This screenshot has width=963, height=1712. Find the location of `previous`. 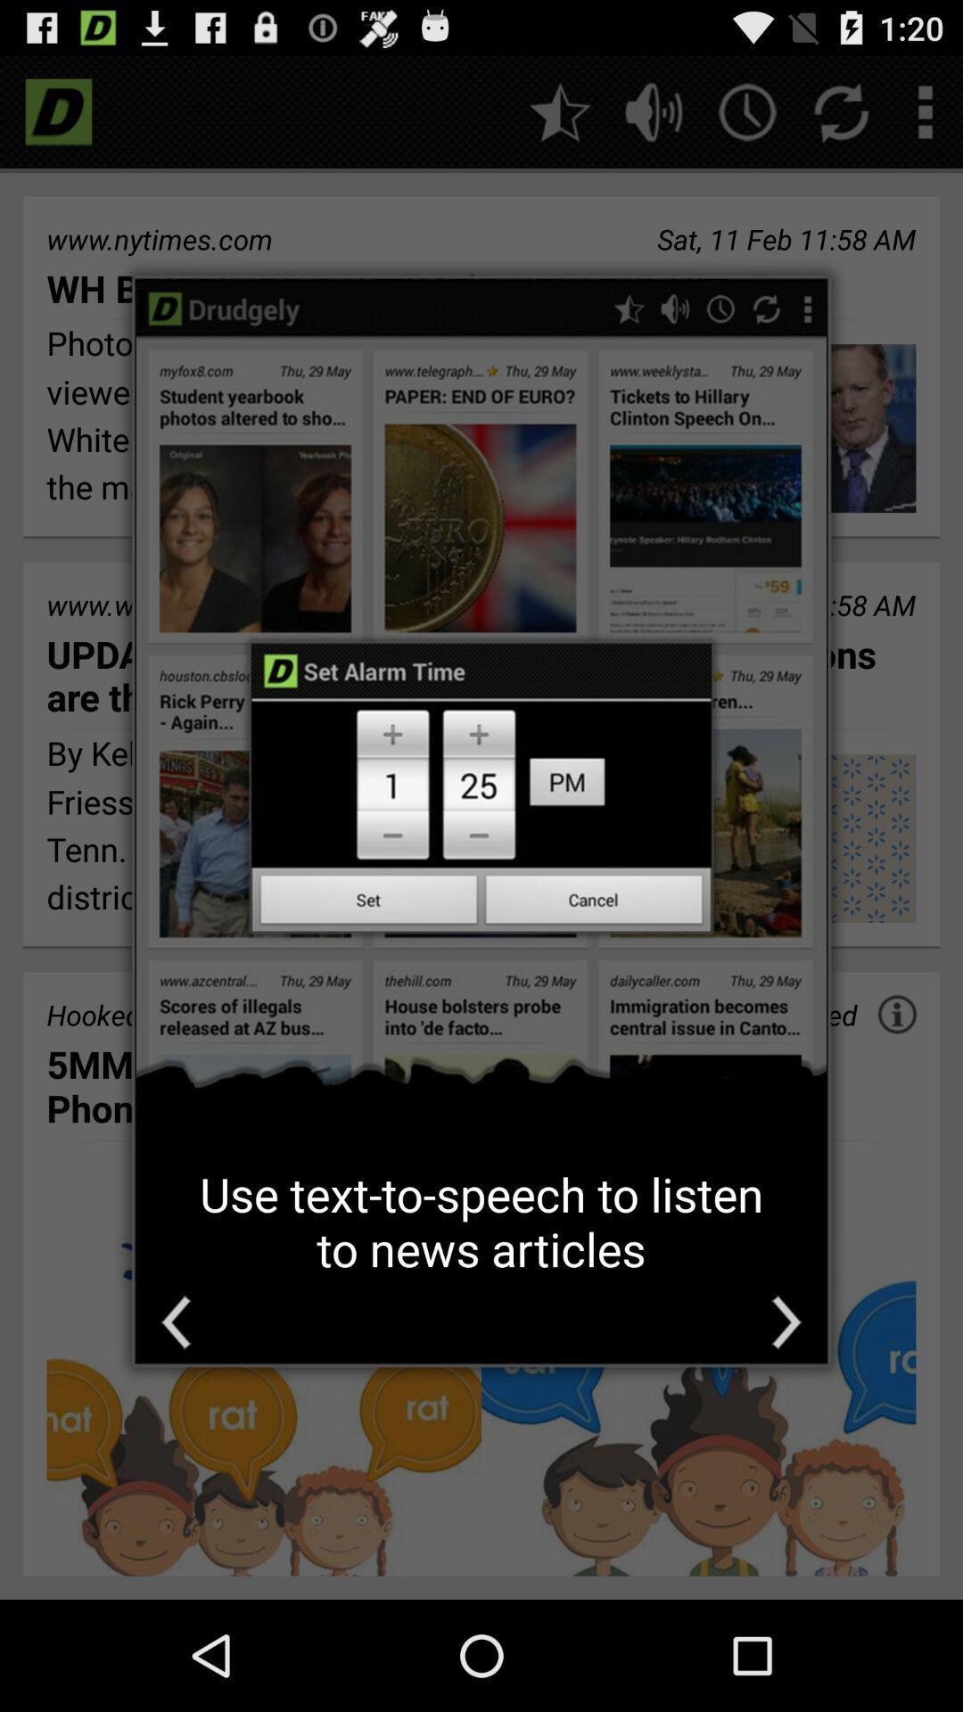

previous is located at coordinates (176, 1322).